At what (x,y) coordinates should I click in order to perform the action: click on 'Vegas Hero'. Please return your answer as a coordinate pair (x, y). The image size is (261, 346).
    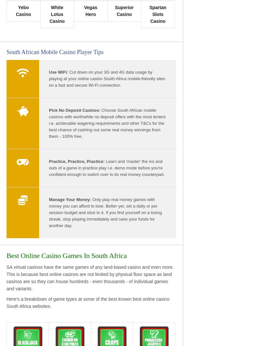
    Looking at the image, I should click on (90, 10).